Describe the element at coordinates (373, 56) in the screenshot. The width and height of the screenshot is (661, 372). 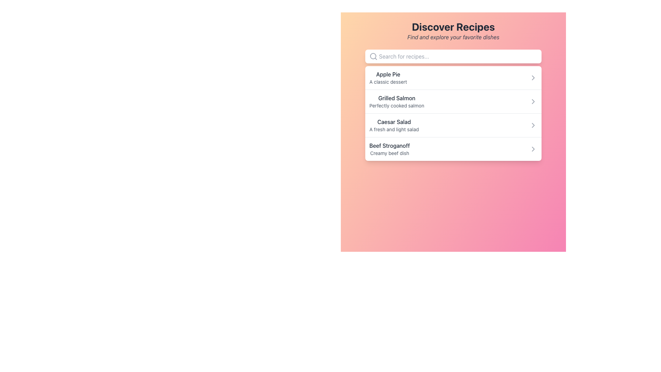
I see `the circular magnifying glass icon located to the left of the search input field, which has a gray outline and is positioned near the top of the interface` at that location.